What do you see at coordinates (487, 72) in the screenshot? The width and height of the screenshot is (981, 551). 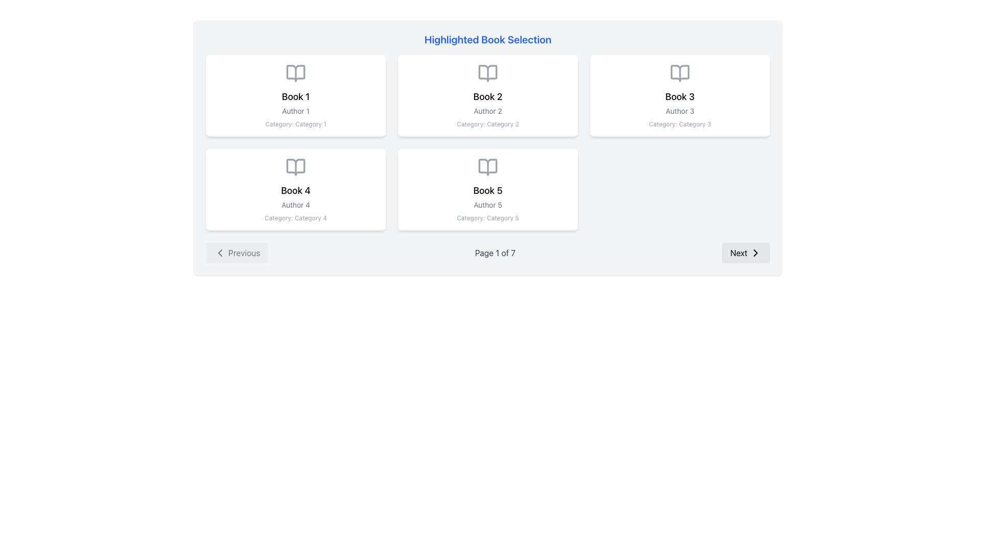 I see `the open book icon located at the top center of the 'Book 2' card, which features symmetrical pages and a monochrome grey color` at bounding box center [487, 72].